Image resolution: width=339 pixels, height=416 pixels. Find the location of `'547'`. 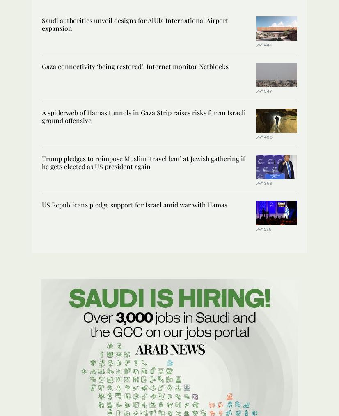

'547' is located at coordinates (263, 90).